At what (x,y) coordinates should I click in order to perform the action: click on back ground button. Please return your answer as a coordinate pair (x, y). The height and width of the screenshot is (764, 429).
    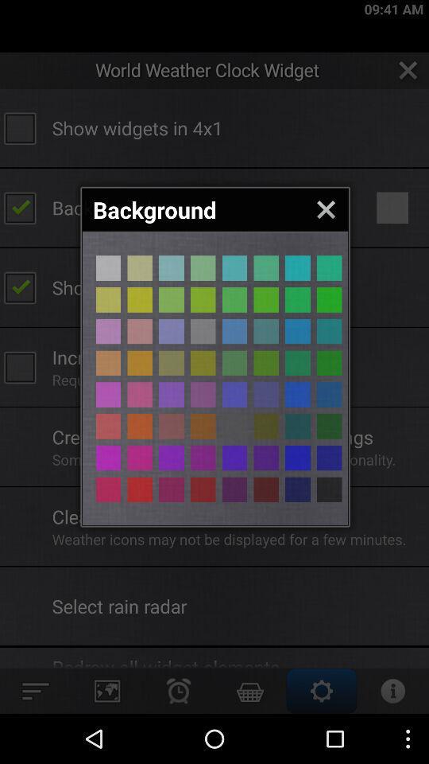
    Looking at the image, I should click on (266, 394).